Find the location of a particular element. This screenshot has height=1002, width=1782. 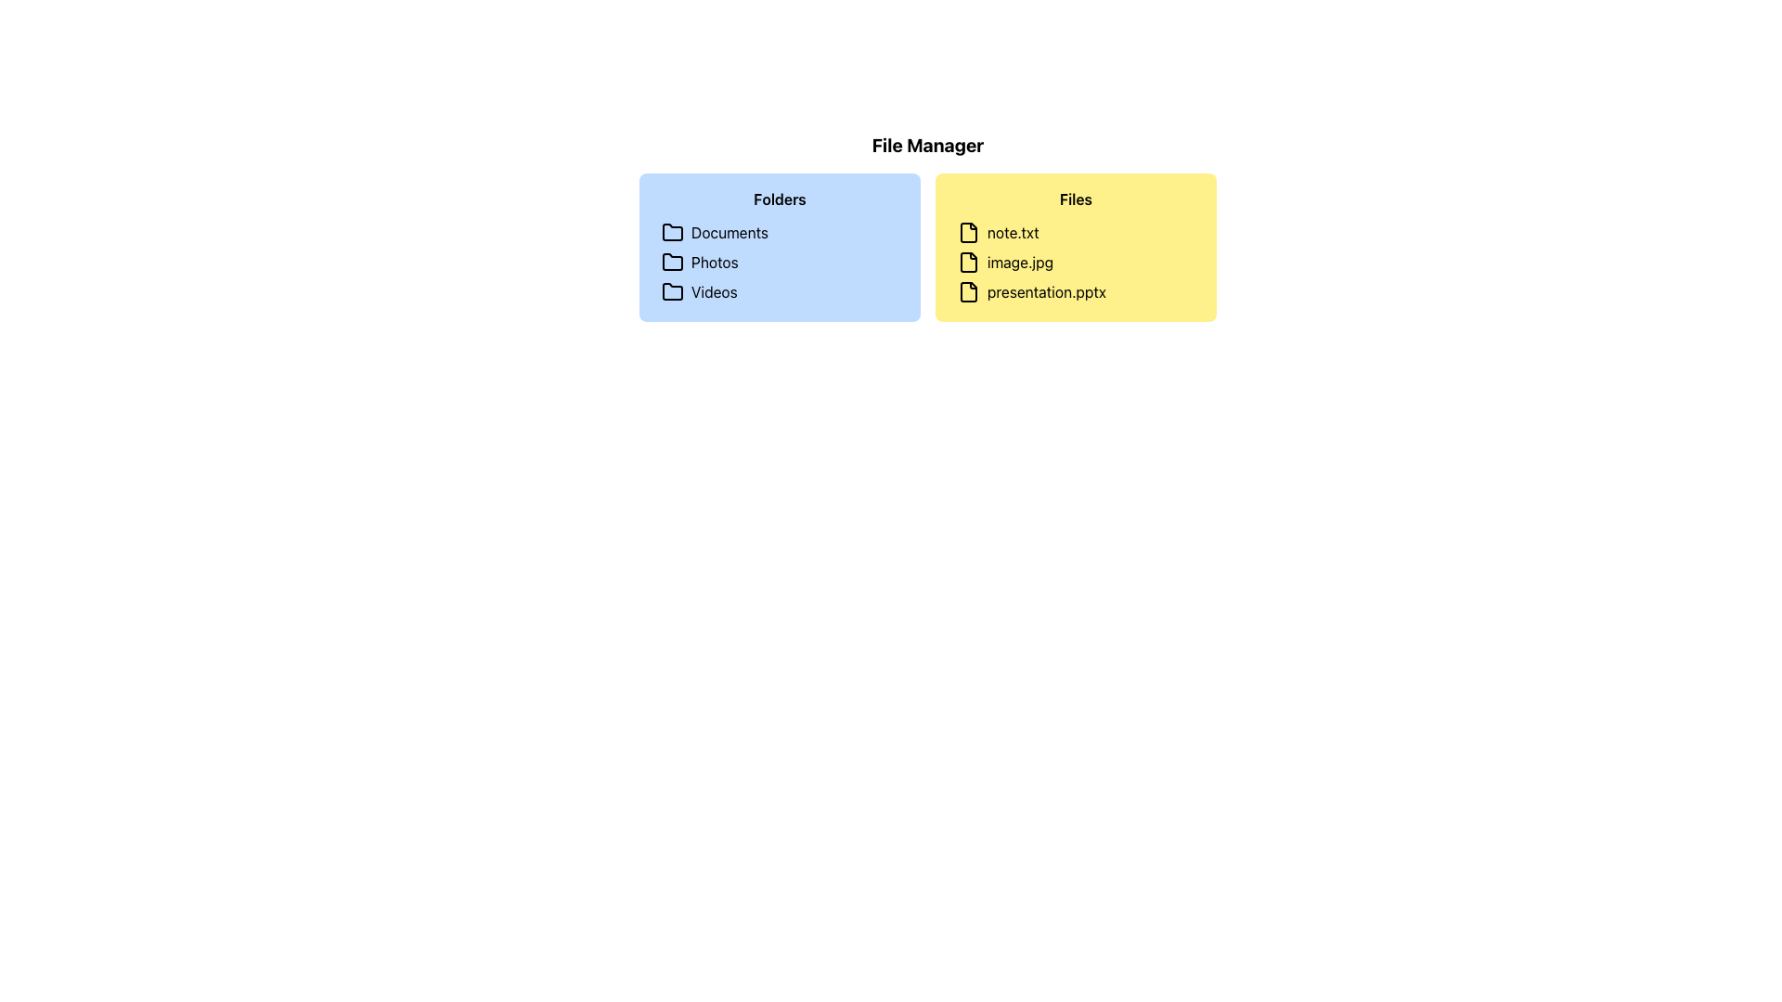

on the file entry for 'image.jpg' located in the 'Files' section, which is the second entry in the list is located at coordinates (1076, 262).